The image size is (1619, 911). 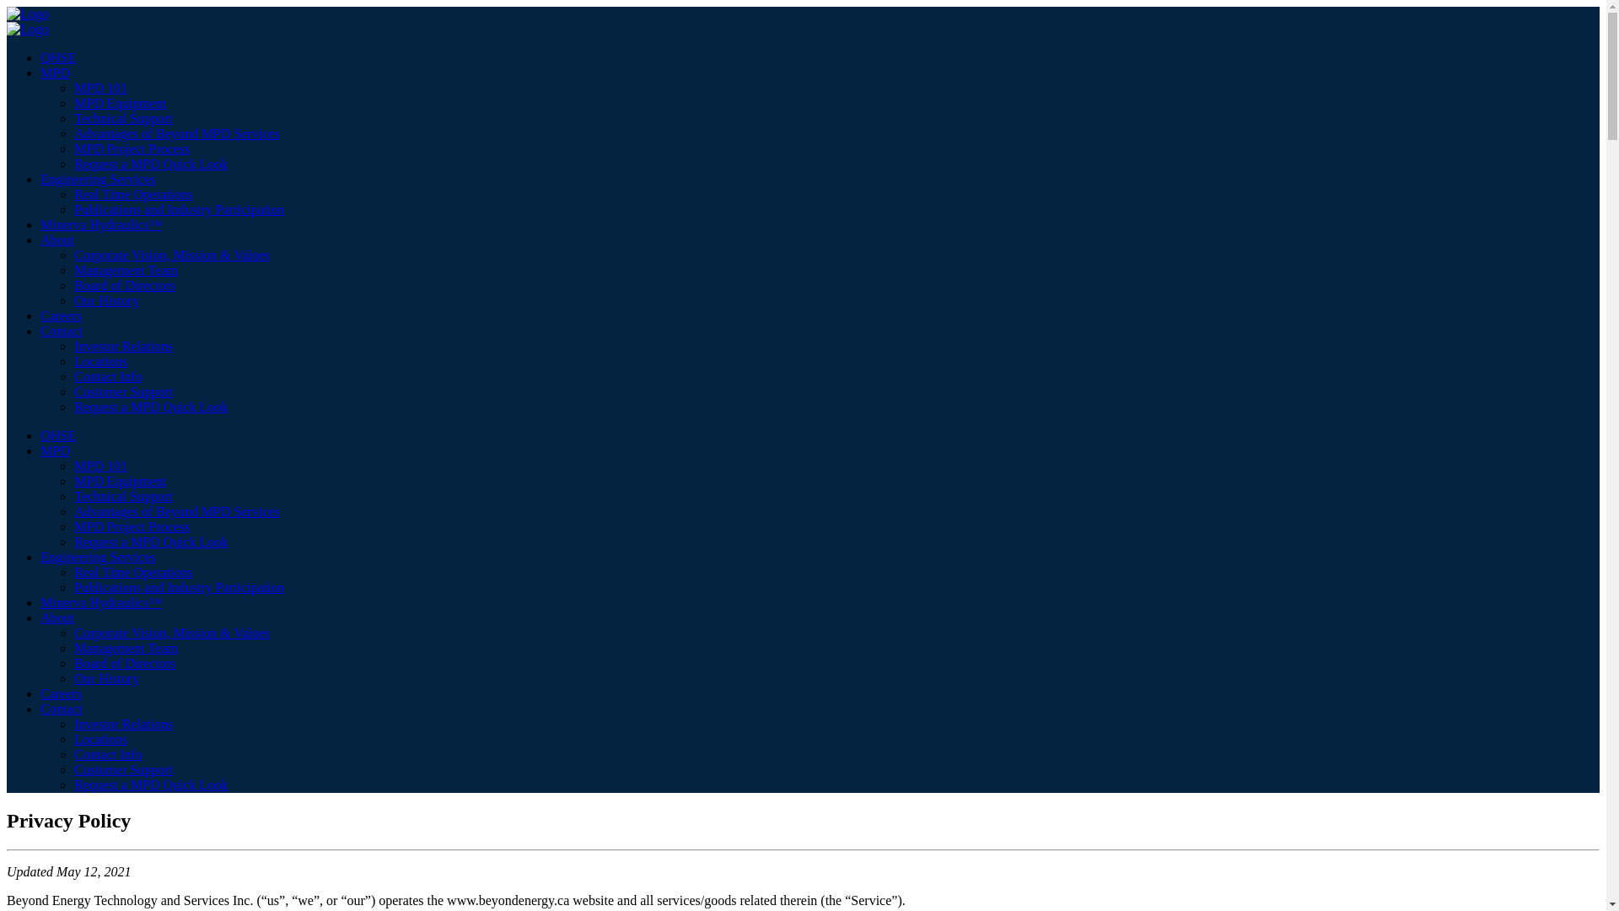 I want to click on 'Our History', so click(x=105, y=299).